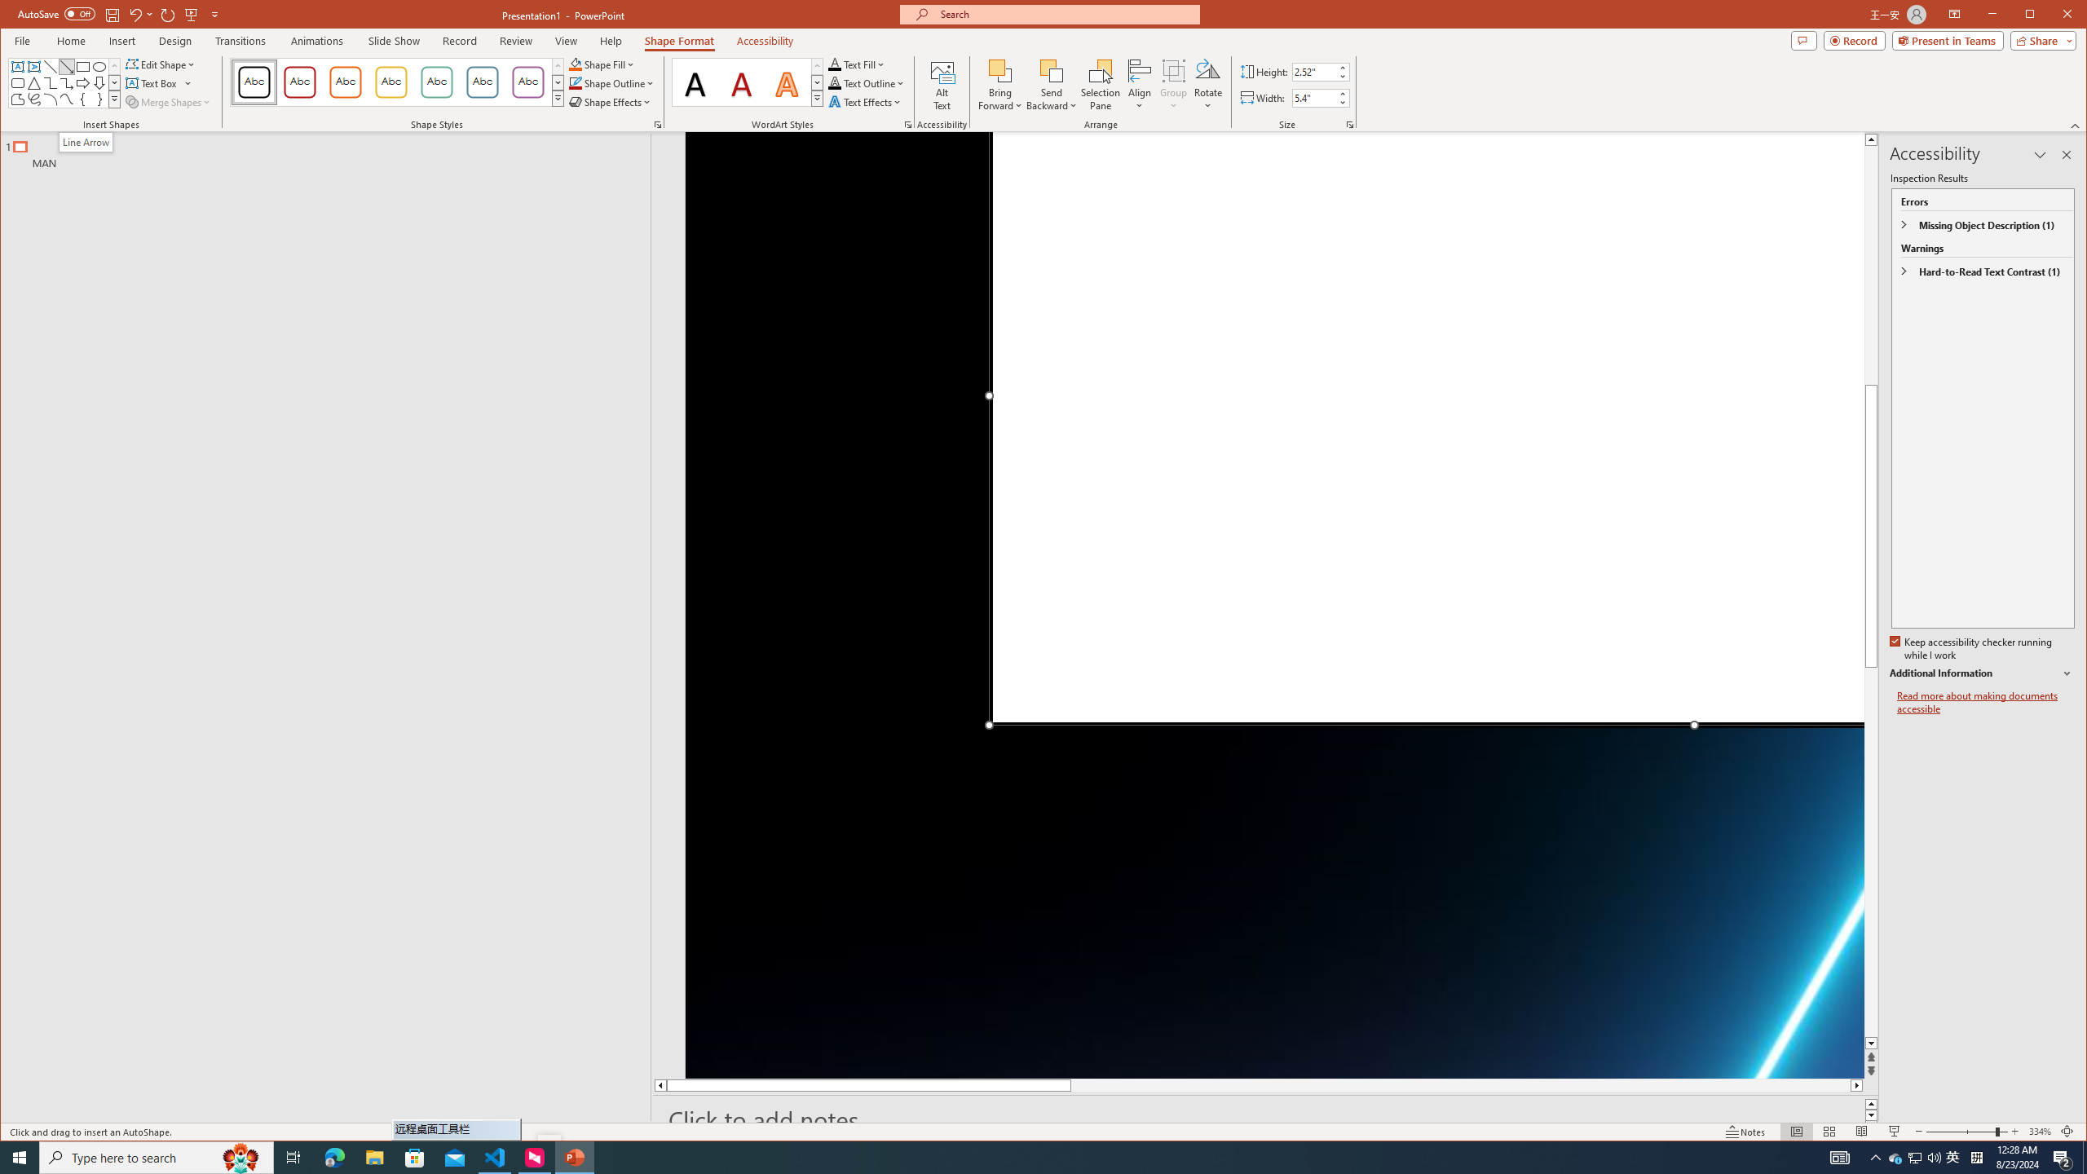 This screenshot has width=2087, height=1174. I want to click on 'Merge Shapes', so click(169, 102).